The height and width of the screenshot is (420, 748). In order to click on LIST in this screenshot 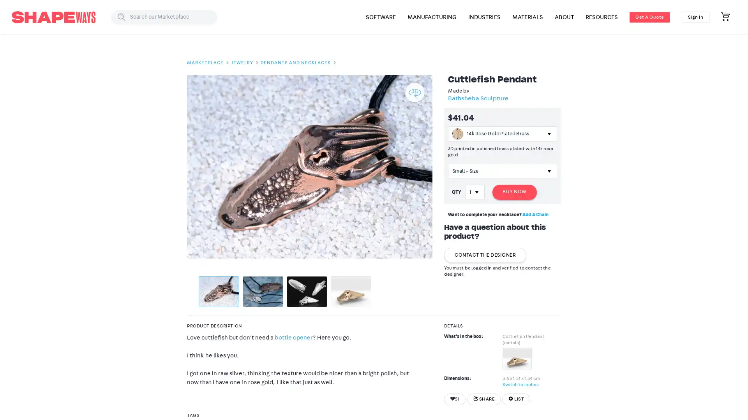, I will do `click(516, 399)`.